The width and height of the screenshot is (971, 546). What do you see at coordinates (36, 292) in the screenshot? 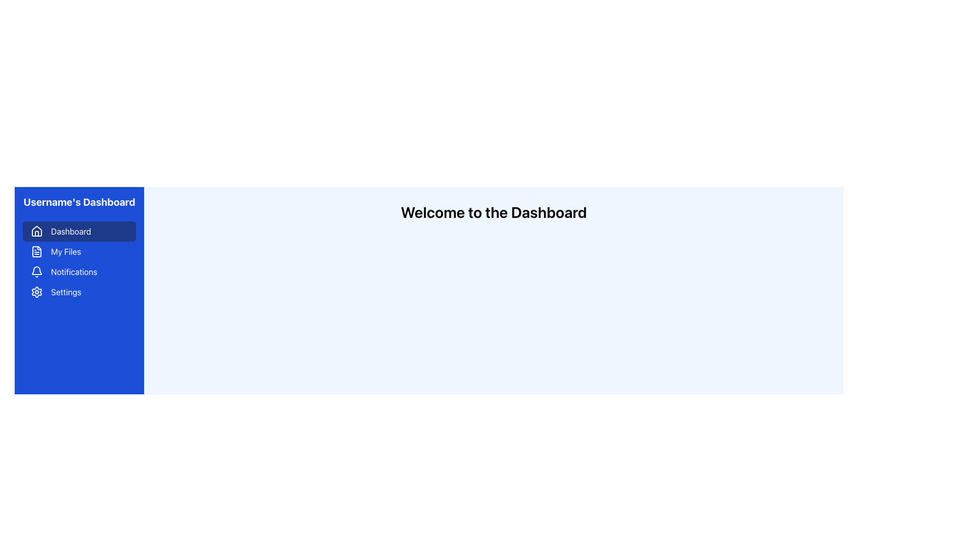
I see `gear-like icon representing the settings option, which is styled in blue and located to the left of the 'Settings' text in the sidebar navigation` at bounding box center [36, 292].